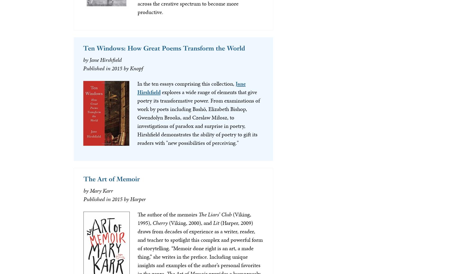  What do you see at coordinates (101, 191) in the screenshot?
I see `'Mary Karr'` at bounding box center [101, 191].